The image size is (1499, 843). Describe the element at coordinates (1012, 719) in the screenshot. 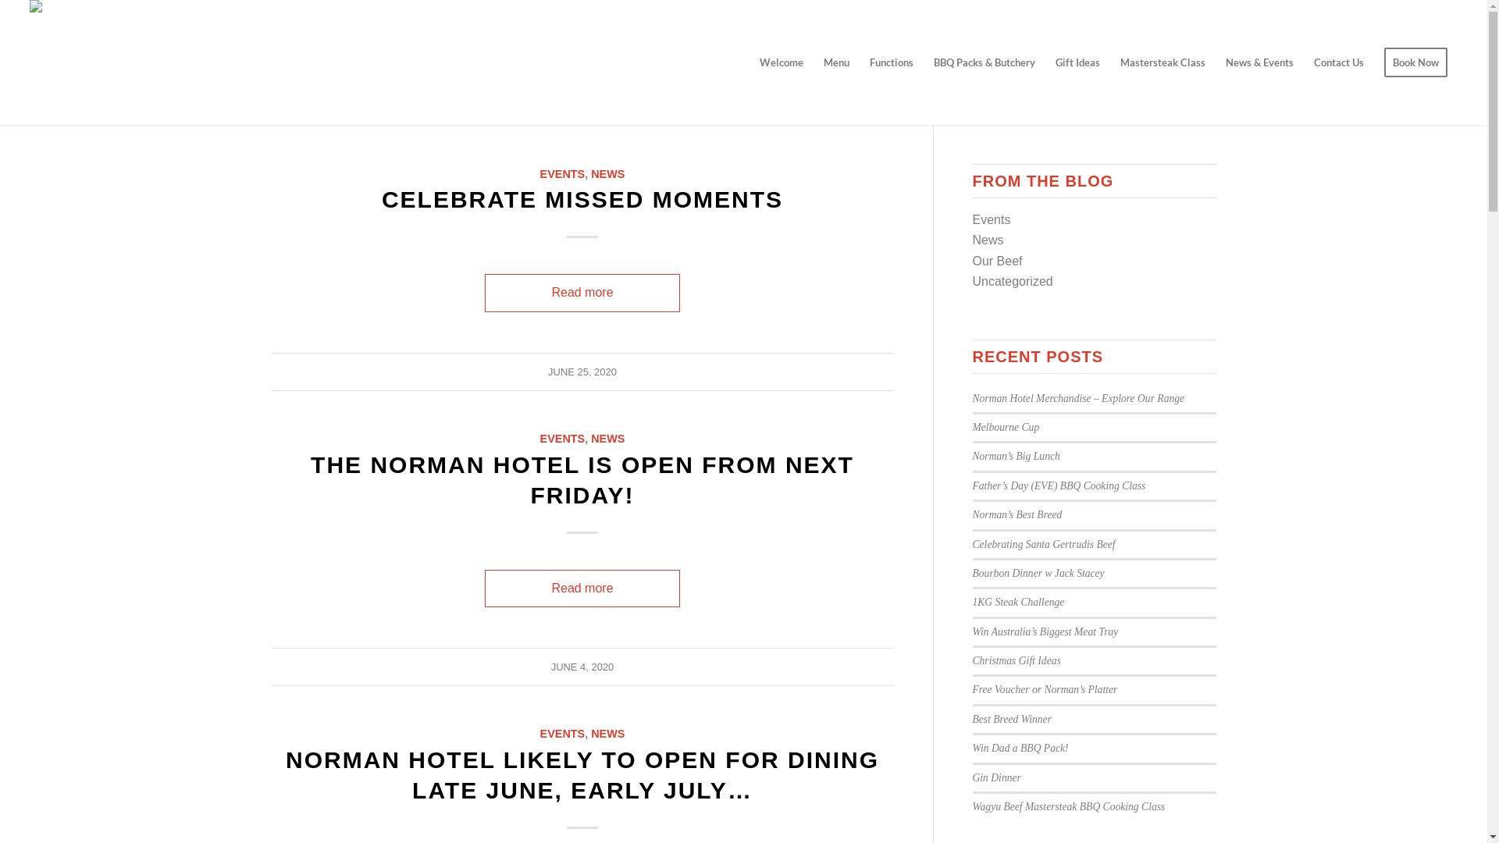

I see `'Best Breed Winner'` at that location.